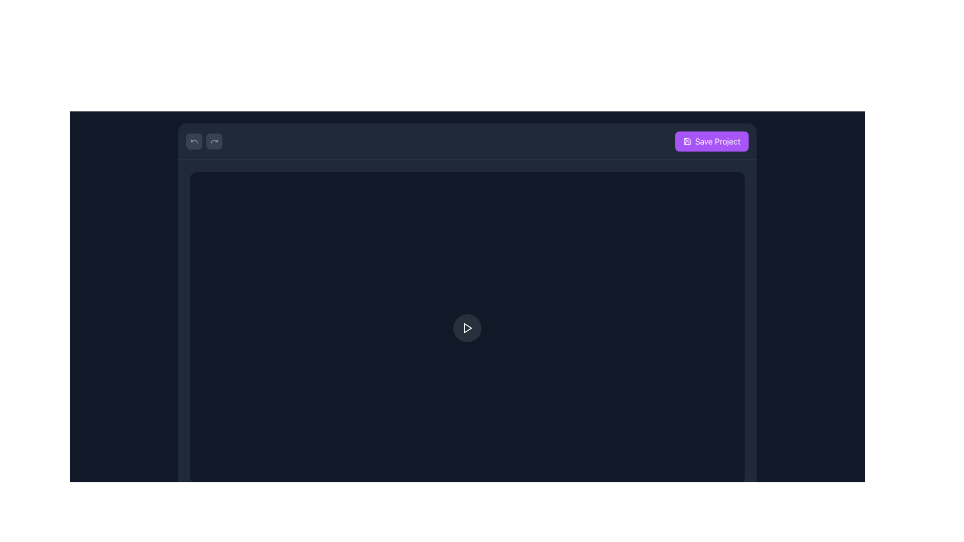  What do you see at coordinates (467, 328) in the screenshot?
I see `the circular button containing the play SVG icon` at bounding box center [467, 328].